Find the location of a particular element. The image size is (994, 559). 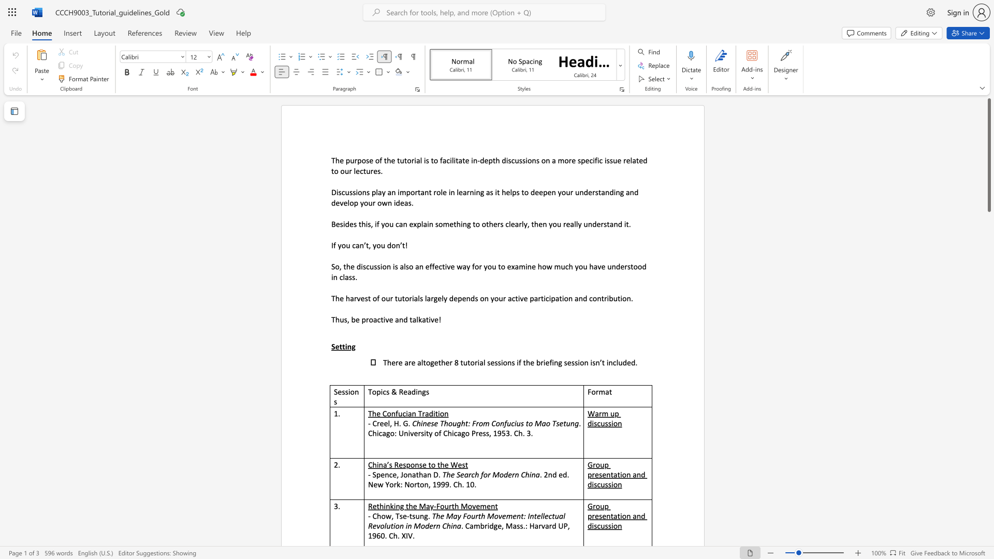

the scrollbar on the right to move the page downward is located at coordinates (988, 366).